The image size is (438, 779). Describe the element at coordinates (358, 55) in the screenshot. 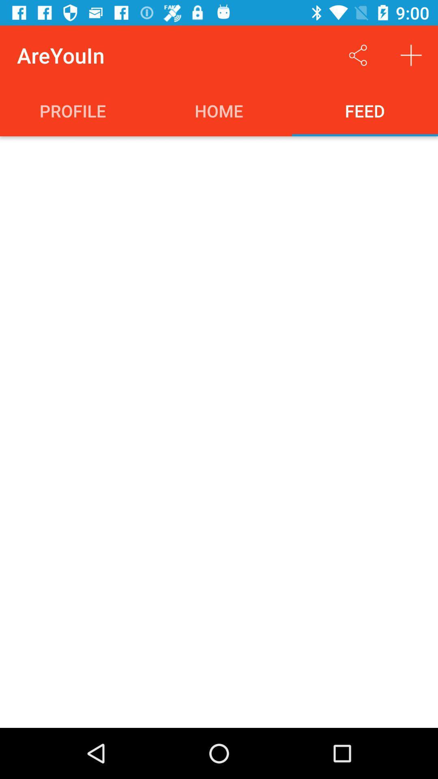

I see `icon next to the areyouin item` at that location.